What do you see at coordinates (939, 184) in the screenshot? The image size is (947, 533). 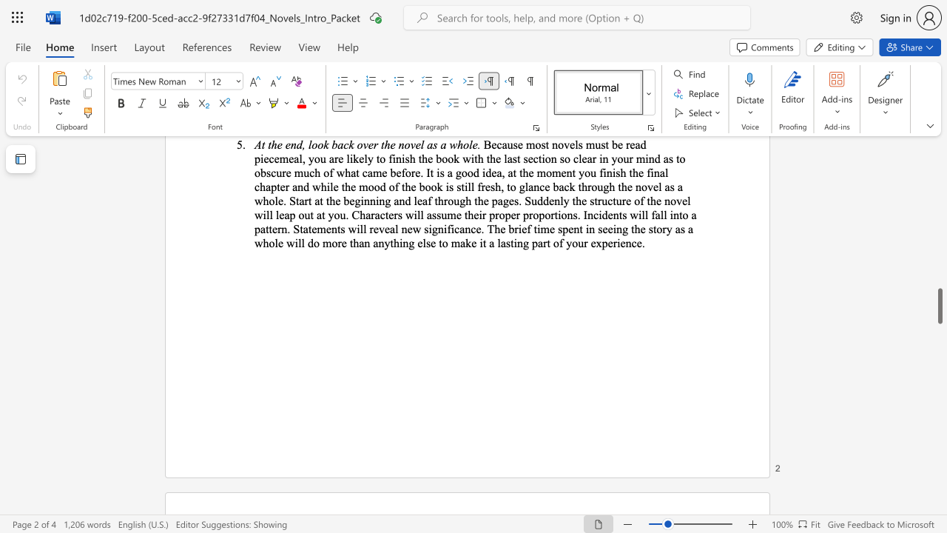 I see `the scrollbar to move the page upward` at bounding box center [939, 184].